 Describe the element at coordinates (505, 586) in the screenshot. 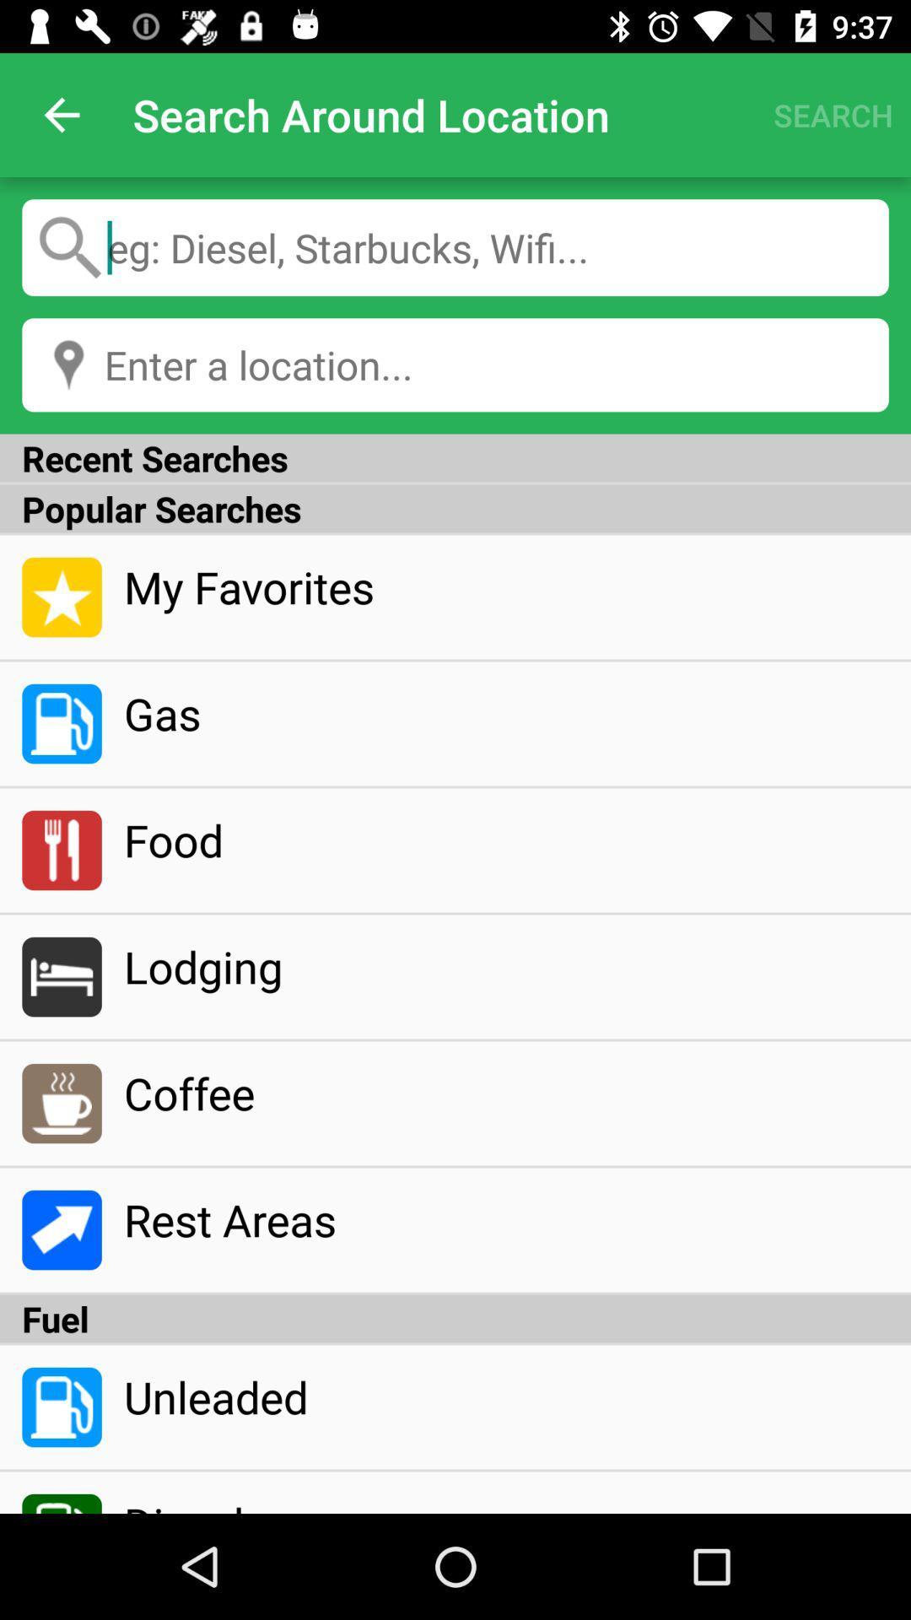

I see `my favorites item` at that location.